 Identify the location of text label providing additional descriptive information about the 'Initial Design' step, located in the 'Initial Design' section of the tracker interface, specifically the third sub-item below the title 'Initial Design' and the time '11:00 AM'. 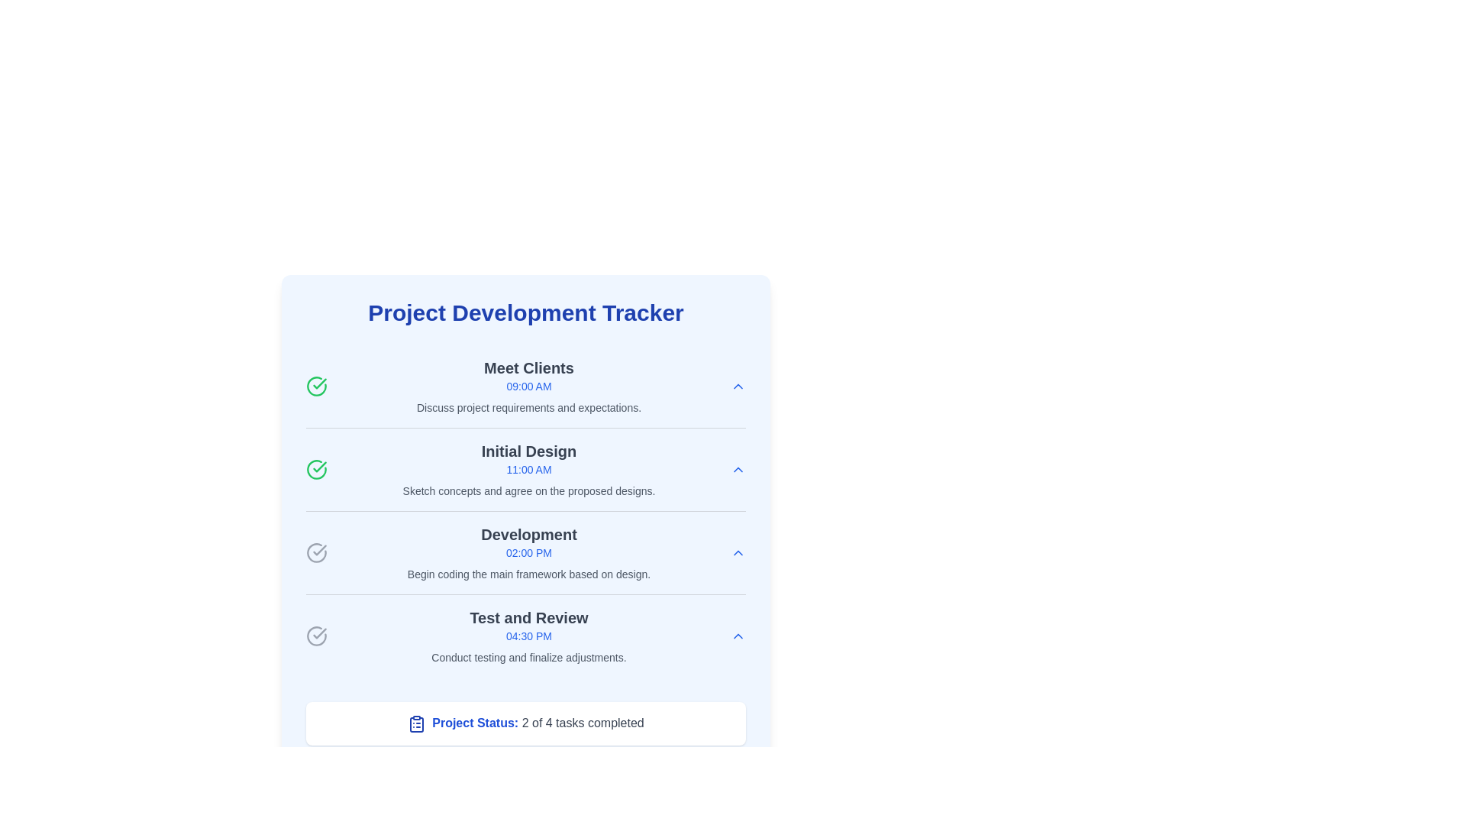
(528, 491).